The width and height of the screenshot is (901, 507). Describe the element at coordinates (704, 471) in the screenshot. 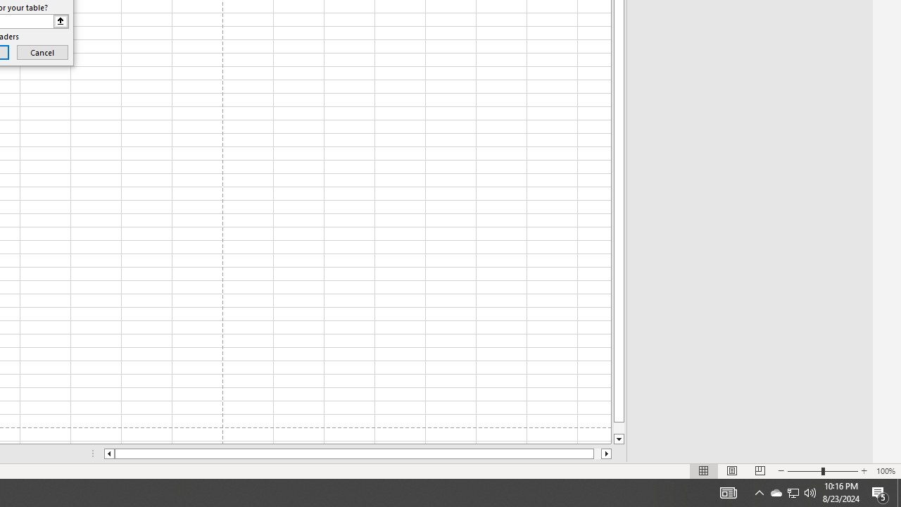

I see `'Normal'` at that location.